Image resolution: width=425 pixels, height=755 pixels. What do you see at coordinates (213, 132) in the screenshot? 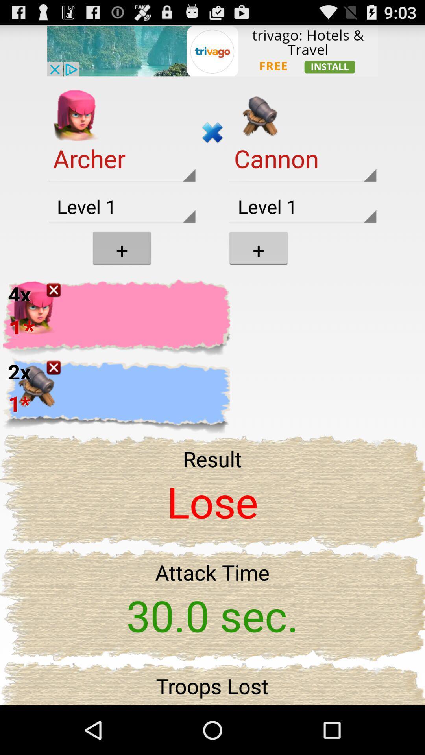
I see `cross symbol` at bounding box center [213, 132].